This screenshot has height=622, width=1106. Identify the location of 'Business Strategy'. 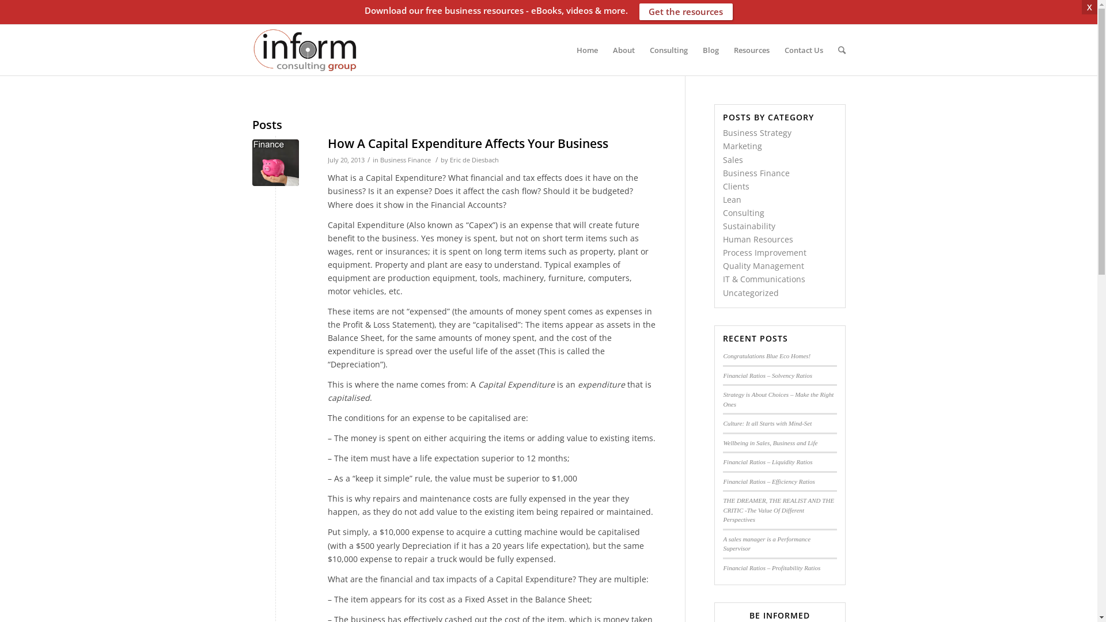
(757, 132).